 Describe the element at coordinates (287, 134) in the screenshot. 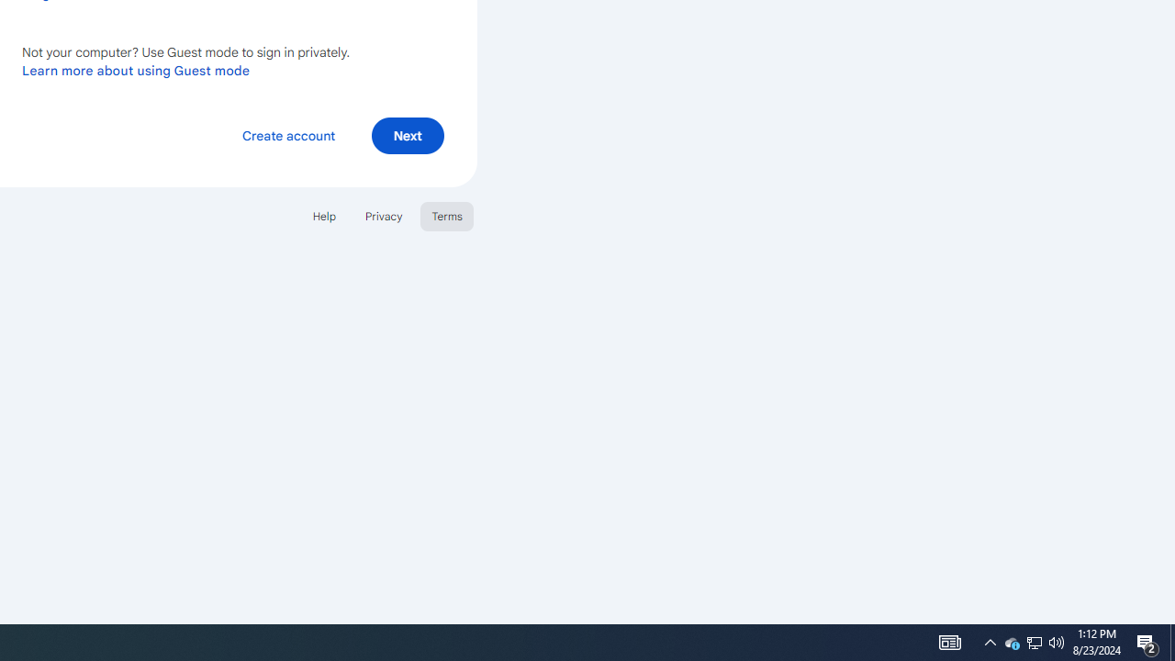

I see `'Create account'` at that location.